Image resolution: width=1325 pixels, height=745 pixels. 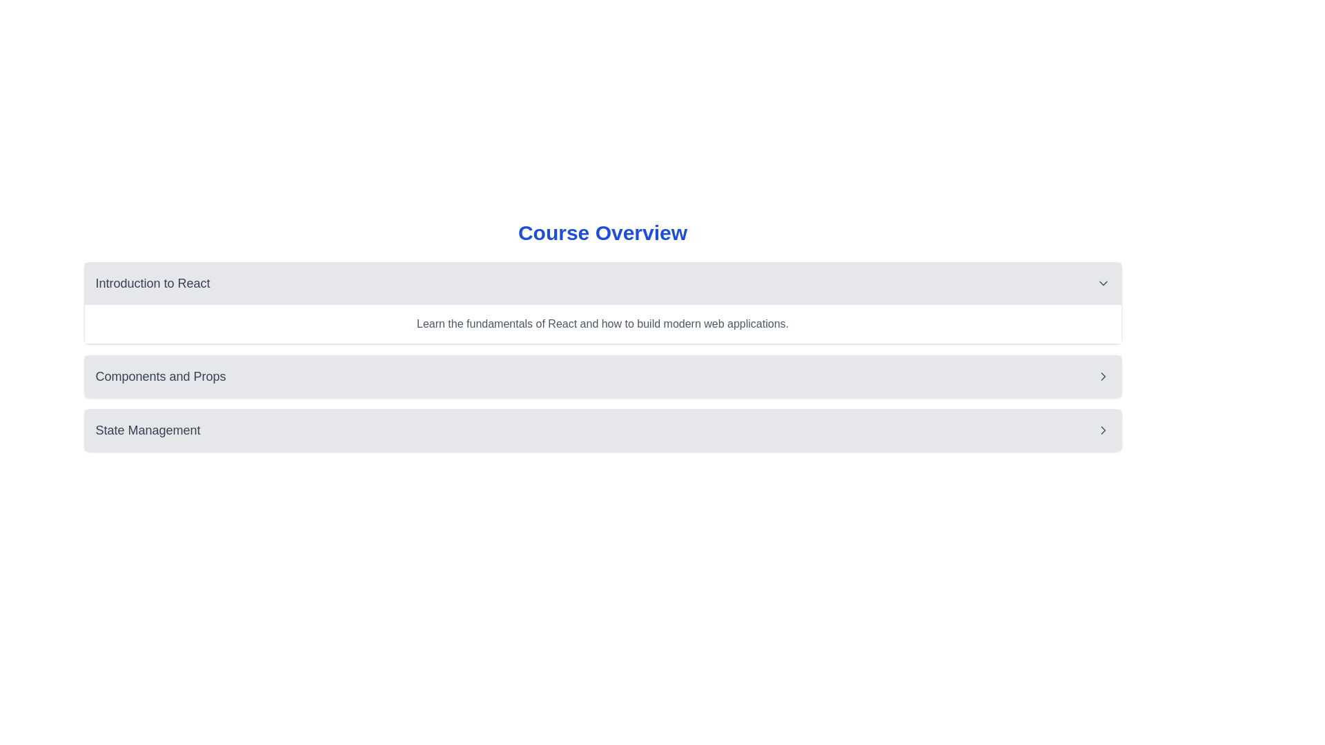 What do you see at coordinates (602, 324) in the screenshot?
I see `the Text Label that provides a brief description of the topic 'Introduction to React', located in the collapsible section of the 'Course Overview'` at bounding box center [602, 324].